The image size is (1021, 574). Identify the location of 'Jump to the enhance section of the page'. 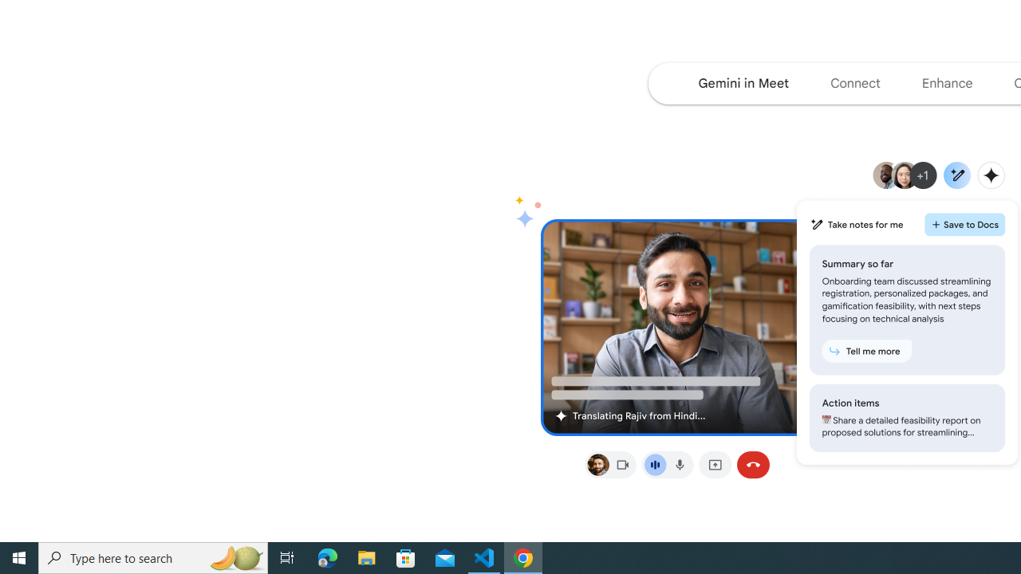
(947, 83).